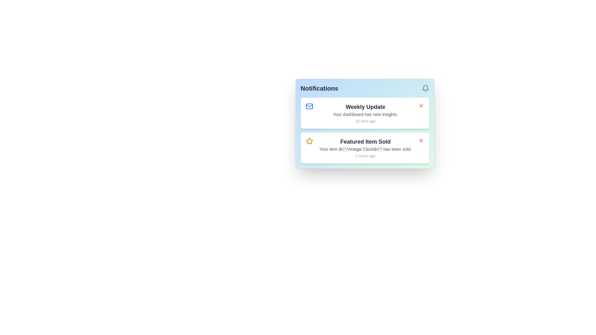 The height and width of the screenshot is (335, 596). What do you see at coordinates (365, 121) in the screenshot?
I see `the timestamp text label located in the notification card titled 'Weekly Update', positioned at the bottom right under the description text 'Your dashboard has new insights.'` at bounding box center [365, 121].